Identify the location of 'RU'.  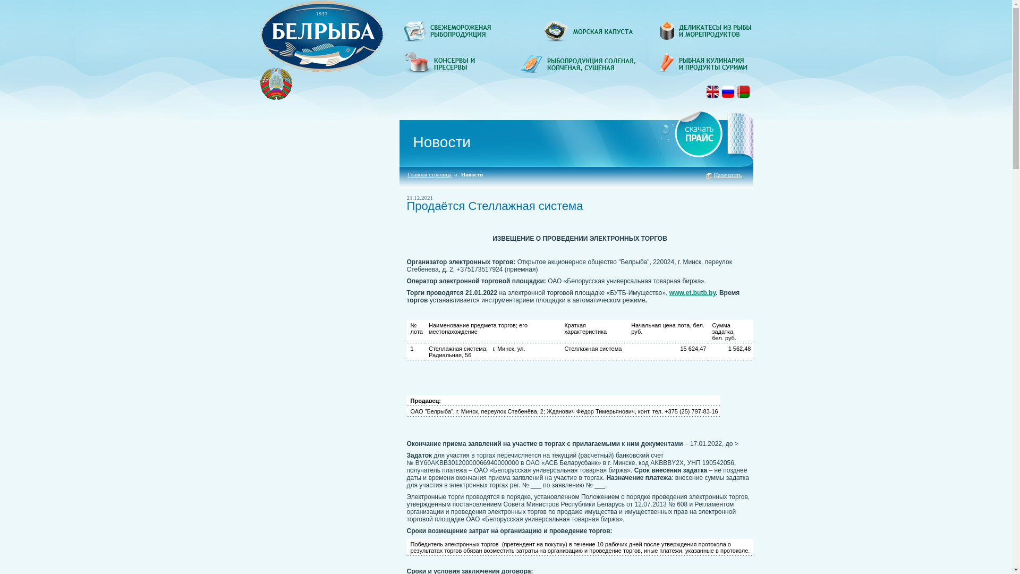
(727, 91).